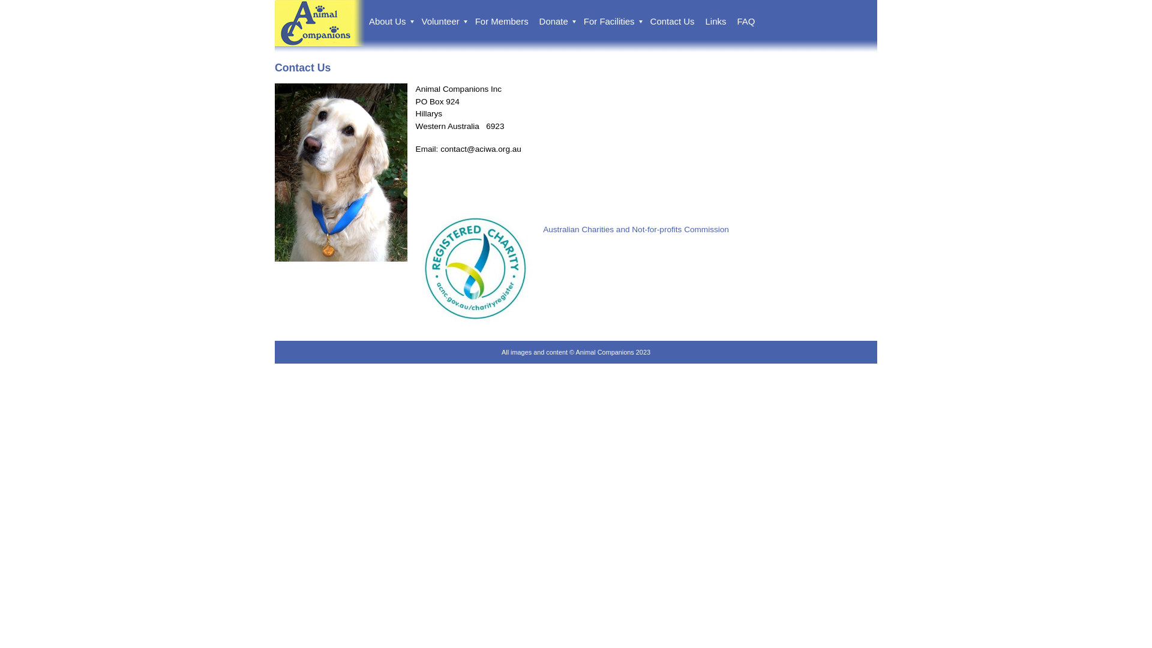 Image resolution: width=1152 pixels, height=648 pixels. What do you see at coordinates (635, 229) in the screenshot?
I see `'Australian Charities and Not-for-profits Commission'` at bounding box center [635, 229].